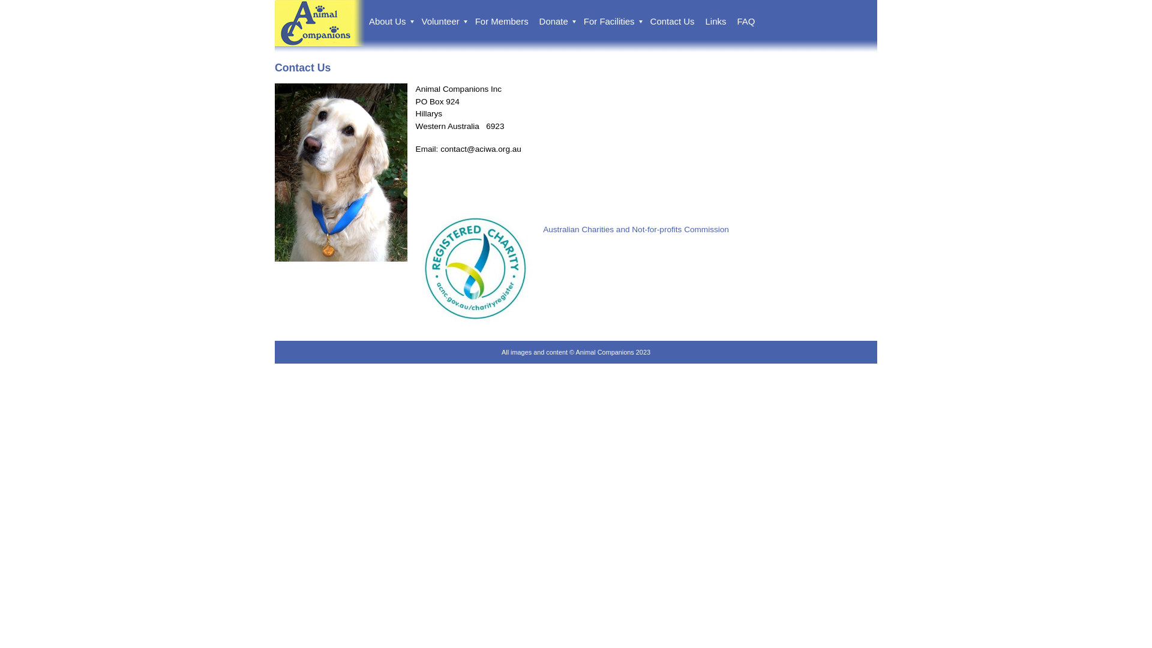 Image resolution: width=1152 pixels, height=648 pixels. What do you see at coordinates (635, 229) in the screenshot?
I see `'Australian Charities and Not-for-profits Commission'` at bounding box center [635, 229].